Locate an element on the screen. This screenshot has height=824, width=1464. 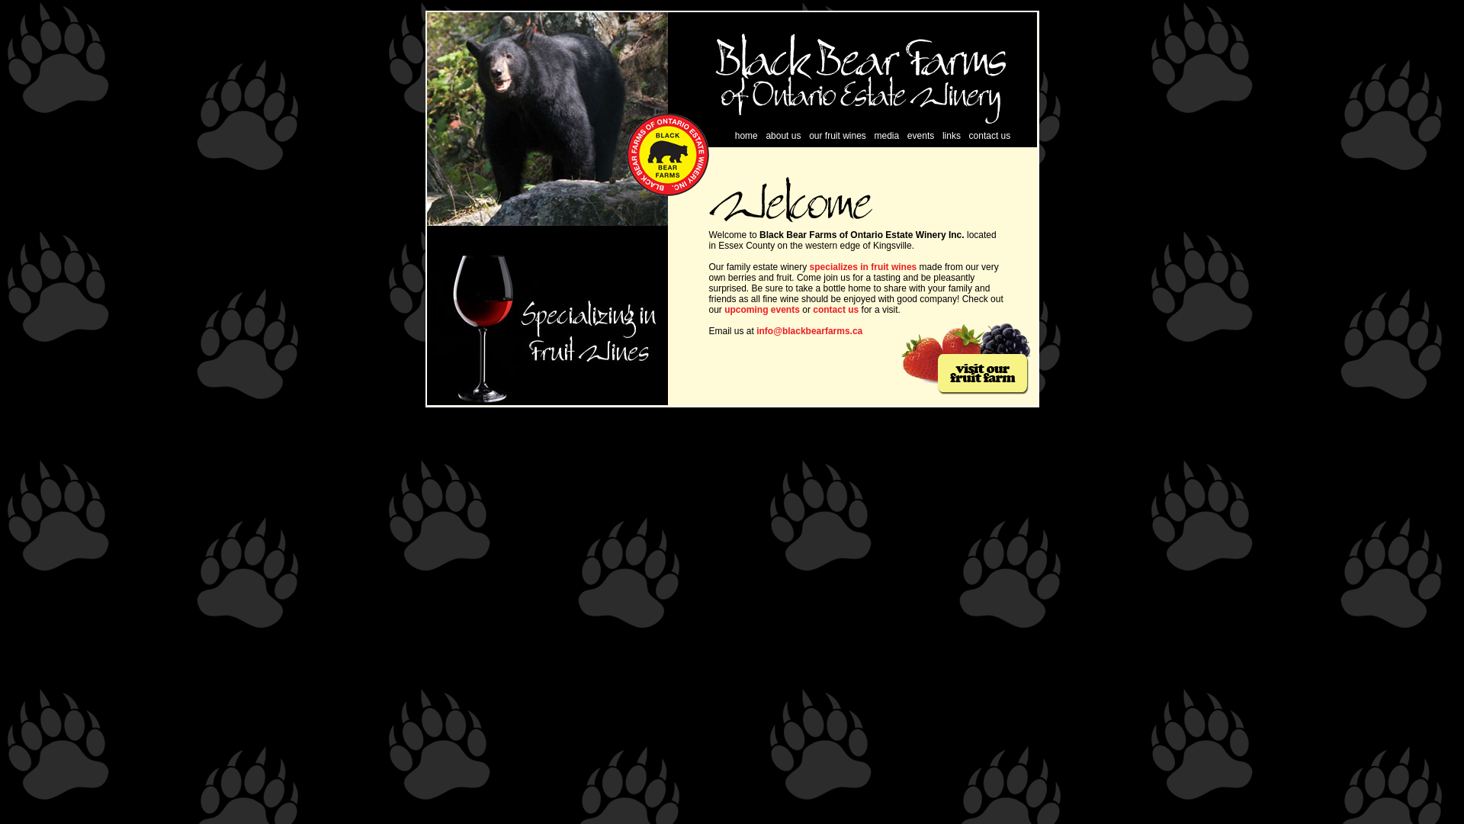
'media' is located at coordinates (886, 134).